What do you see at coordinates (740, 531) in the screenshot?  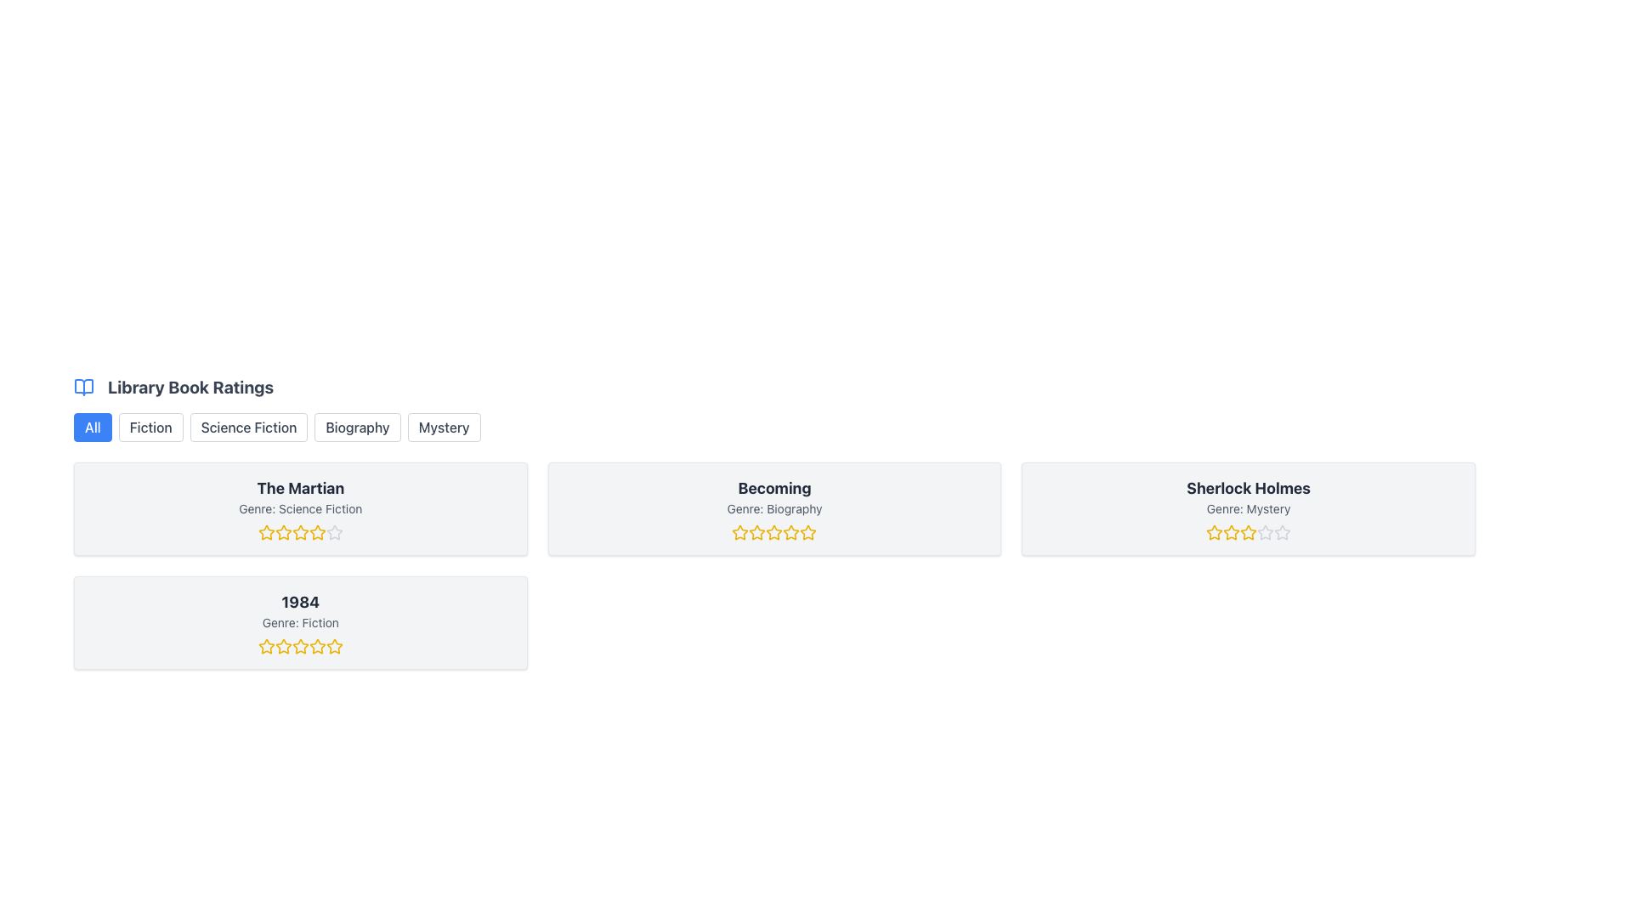 I see `the second star icon in the rating widget below the book title 'Becoming' to set the corresponding rating` at bounding box center [740, 531].